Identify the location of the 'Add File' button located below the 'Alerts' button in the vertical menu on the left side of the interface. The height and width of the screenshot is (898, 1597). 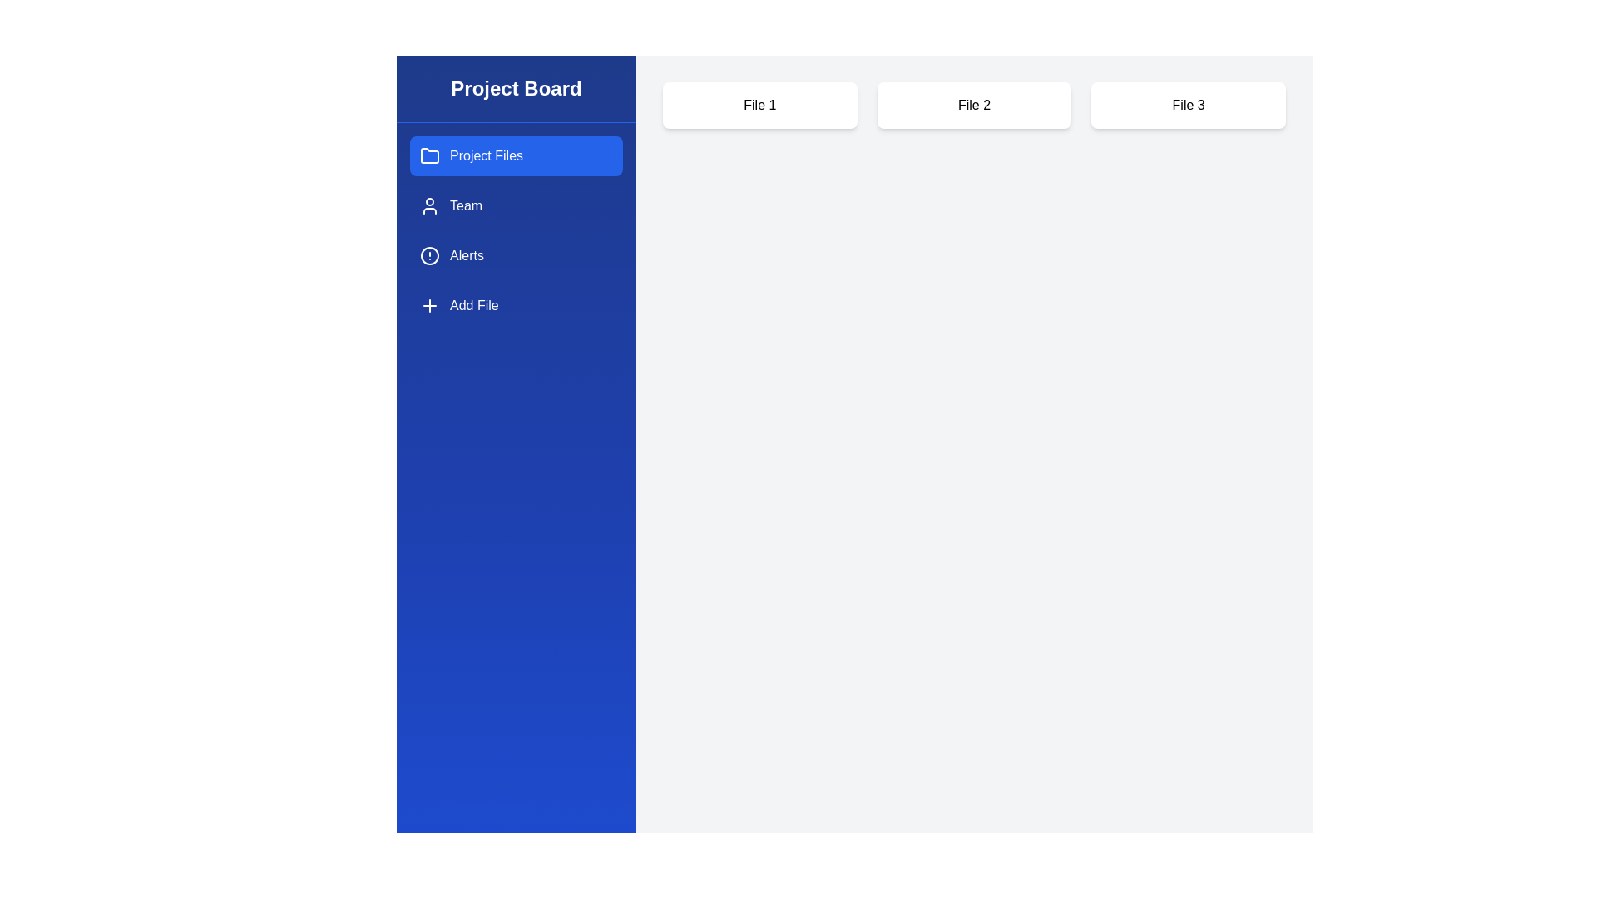
(515, 305).